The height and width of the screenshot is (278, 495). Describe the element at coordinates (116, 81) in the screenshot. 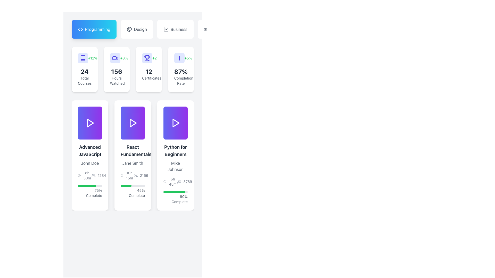

I see `text label that describes the numeric value of hours watched, positioned below the bold stat '156' in the third statistics card` at that location.